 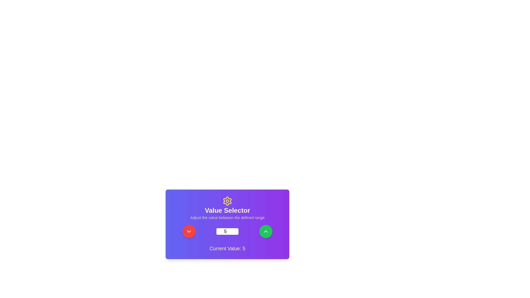 What do you see at coordinates (227, 232) in the screenshot?
I see `the number input box located in the unified control bar near the bottom part of the card` at bounding box center [227, 232].